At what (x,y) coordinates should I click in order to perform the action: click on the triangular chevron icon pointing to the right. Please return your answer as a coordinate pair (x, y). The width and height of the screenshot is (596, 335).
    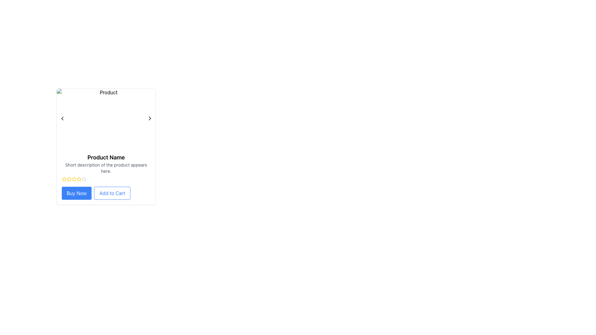
    Looking at the image, I should click on (150, 118).